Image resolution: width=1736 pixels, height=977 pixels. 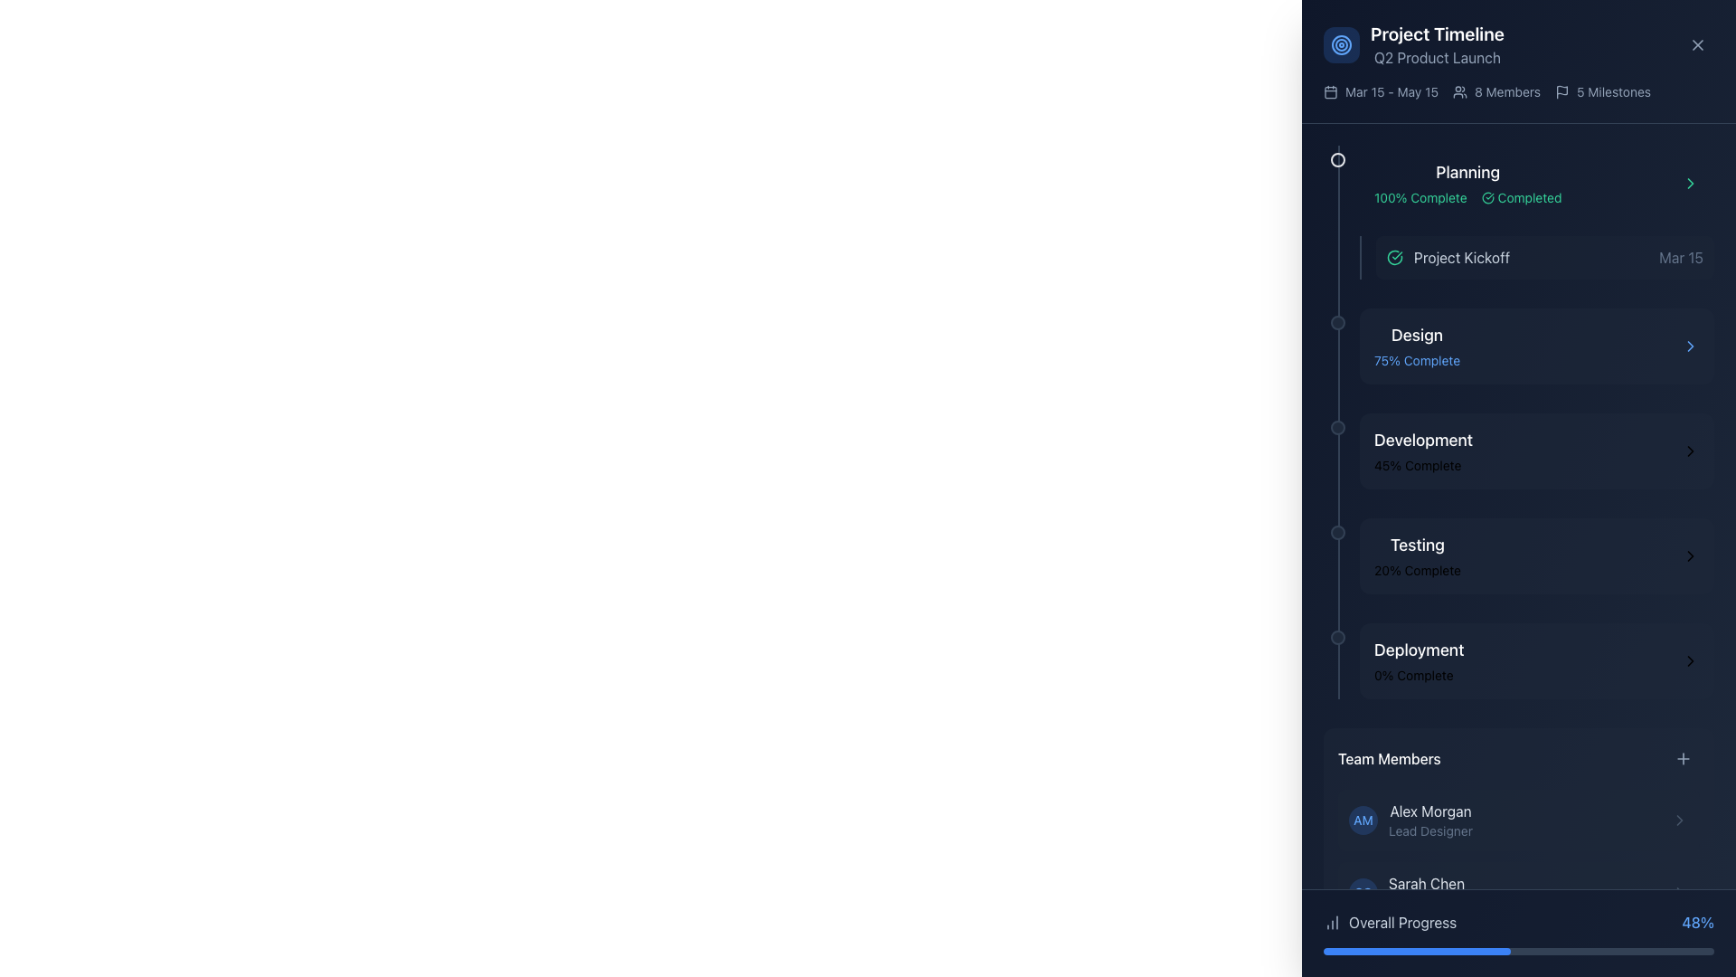 What do you see at coordinates (1416, 571) in the screenshot?
I see `text content of the progress indicator element that shows the testing phase is 20% complete, located beneath the 'Testing' heading in the project timeline section` at bounding box center [1416, 571].